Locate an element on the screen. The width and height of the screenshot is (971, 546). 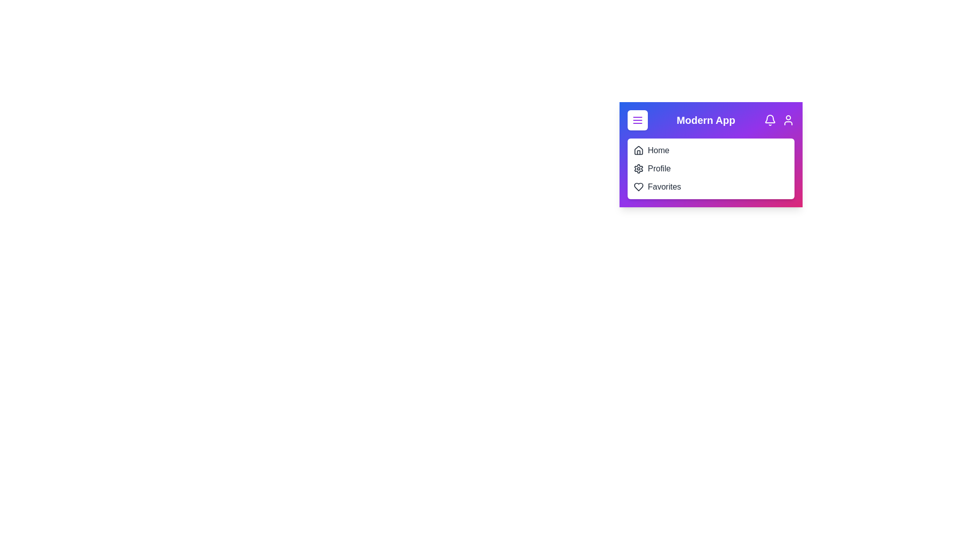
the notification button in the top-right corner of the app bar is located at coordinates (769, 120).